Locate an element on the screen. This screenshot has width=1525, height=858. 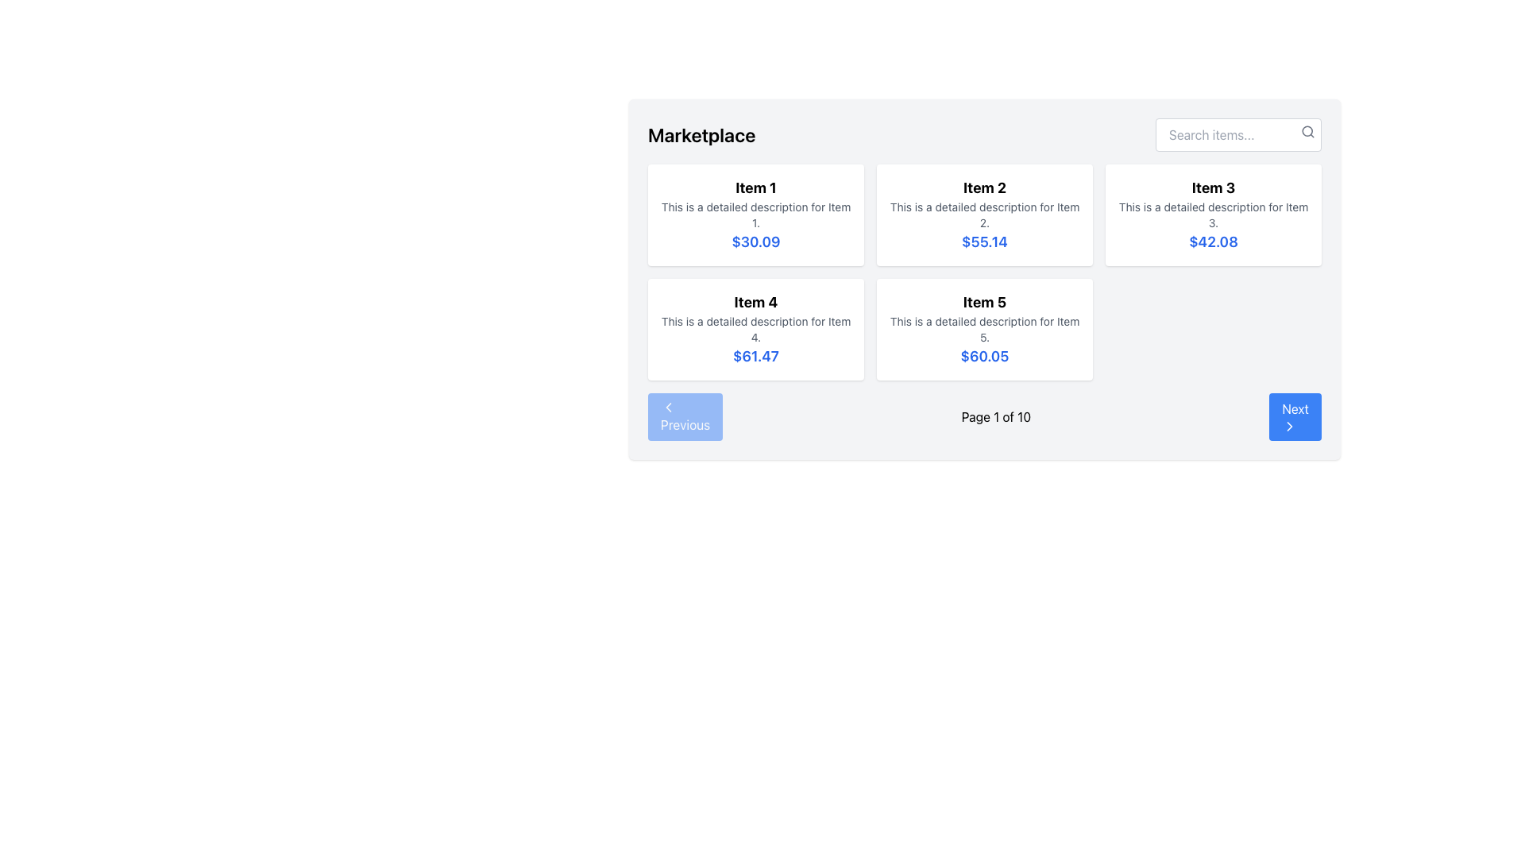
the title text element labeled 'Item 2' located at the top of a card in the marketplace UI is located at coordinates (983, 187).